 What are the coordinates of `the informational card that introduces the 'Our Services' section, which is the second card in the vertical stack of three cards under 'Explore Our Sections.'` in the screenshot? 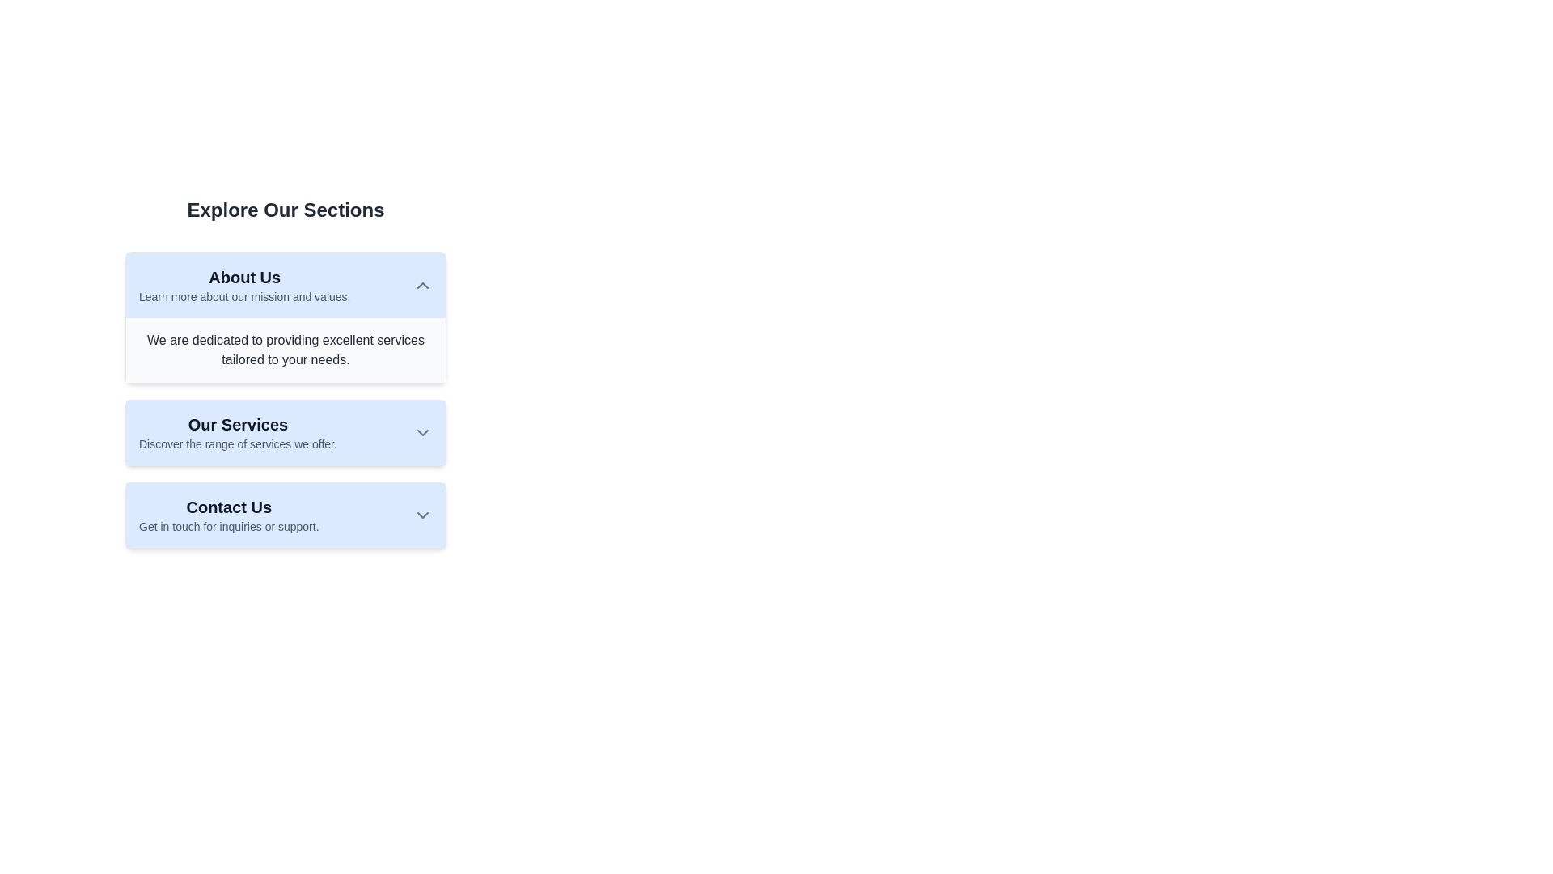 It's located at (237, 432).